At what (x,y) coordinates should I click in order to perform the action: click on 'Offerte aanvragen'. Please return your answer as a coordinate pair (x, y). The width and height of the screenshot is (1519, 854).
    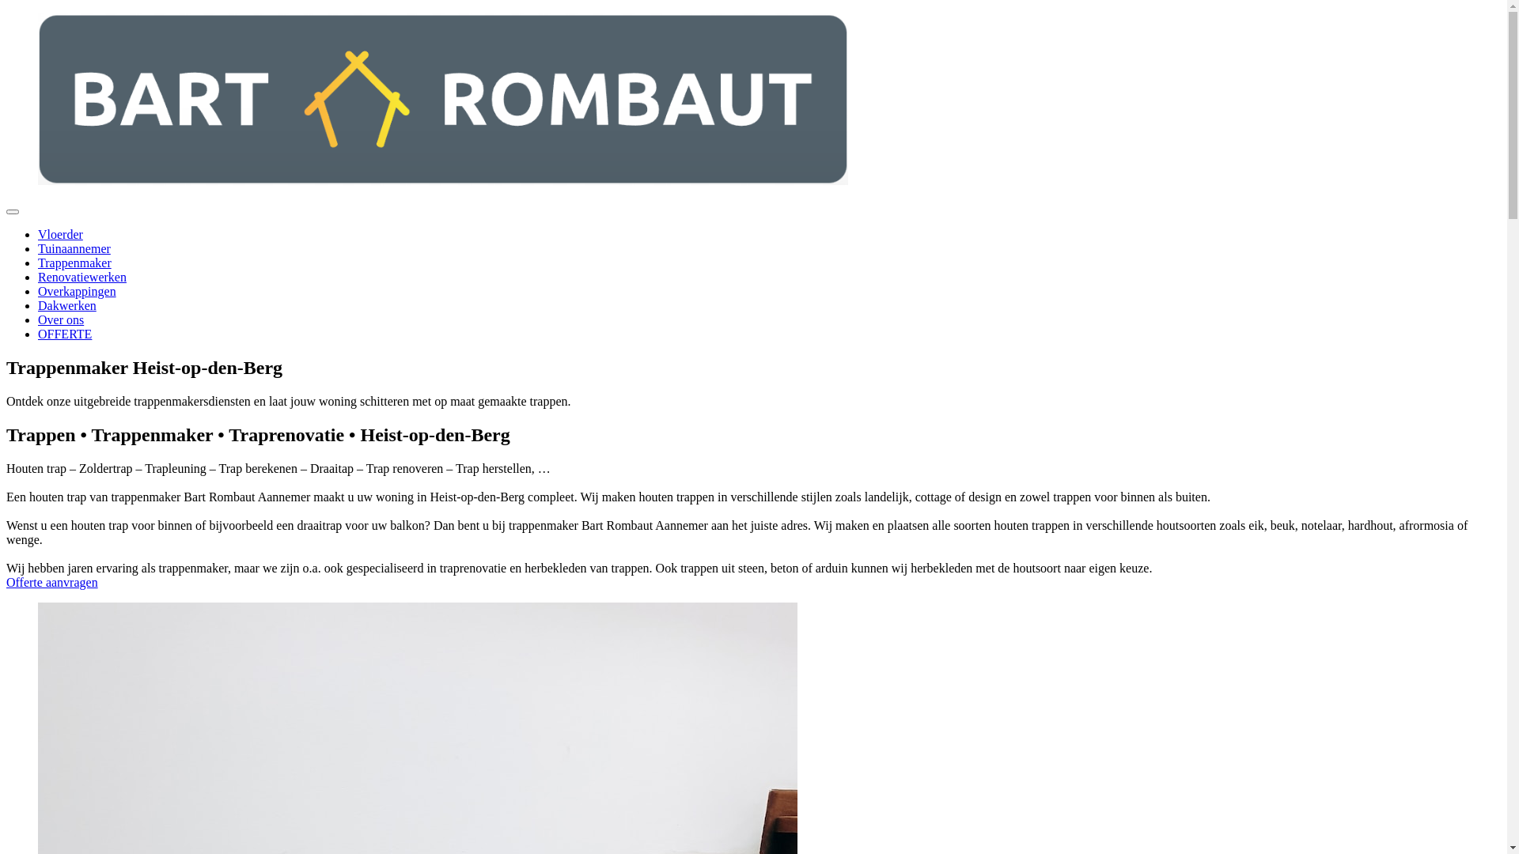
    Looking at the image, I should click on (52, 582).